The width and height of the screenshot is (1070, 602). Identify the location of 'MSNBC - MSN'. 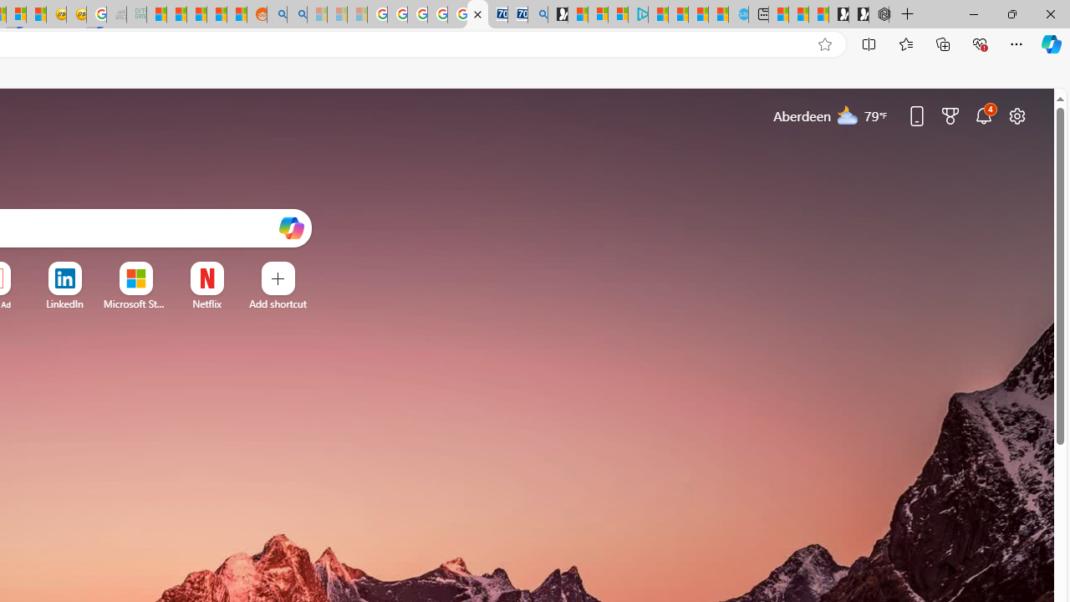
(155, 14).